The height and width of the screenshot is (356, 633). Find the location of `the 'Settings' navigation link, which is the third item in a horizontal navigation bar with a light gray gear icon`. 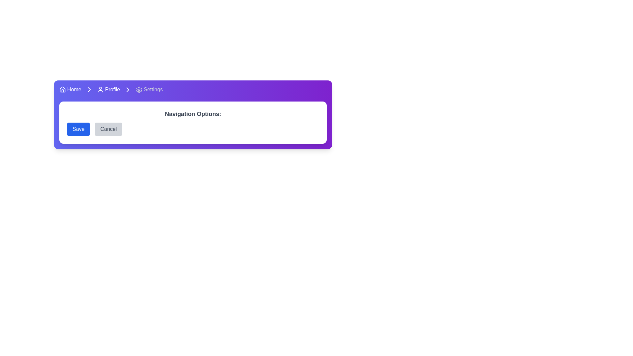

the 'Settings' navigation link, which is the third item in a horizontal navigation bar with a light gray gear icon is located at coordinates (149, 90).